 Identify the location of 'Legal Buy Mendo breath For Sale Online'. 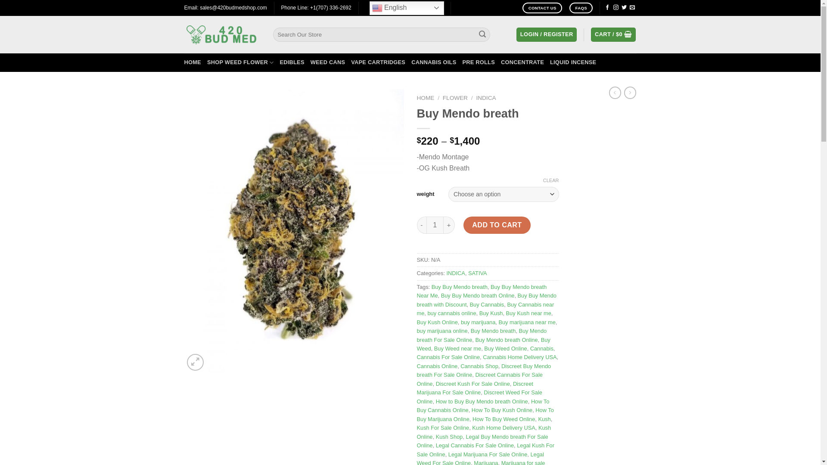
(482, 441).